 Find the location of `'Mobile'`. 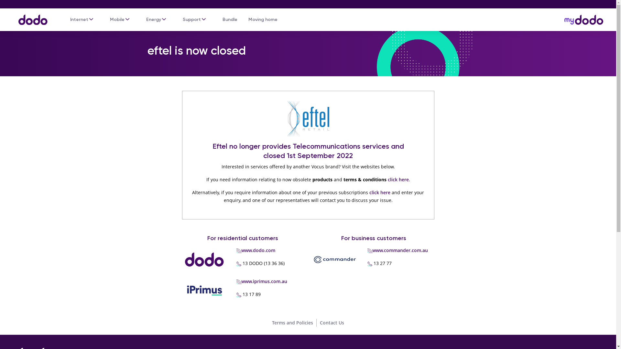

'Mobile' is located at coordinates (117, 19).